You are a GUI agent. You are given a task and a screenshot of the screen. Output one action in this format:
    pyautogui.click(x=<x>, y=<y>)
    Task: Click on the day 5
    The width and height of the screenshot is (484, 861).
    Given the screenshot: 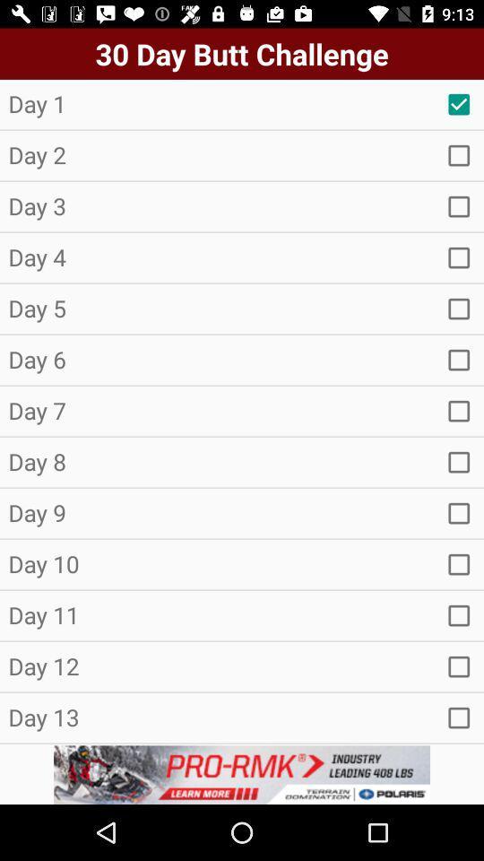 What is the action you would take?
    pyautogui.click(x=459, y=309)
    